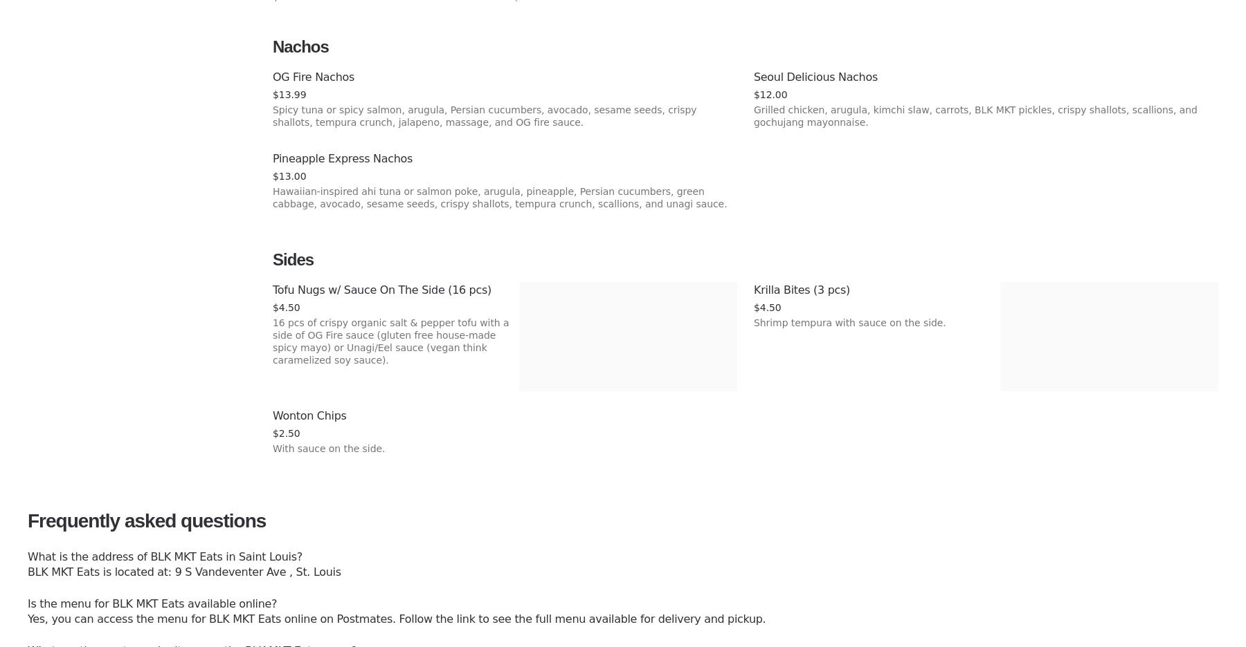 Image resolution: width=1246 pixels, height=647 pixels. I want to click on '$2.50', so click(286, 433).